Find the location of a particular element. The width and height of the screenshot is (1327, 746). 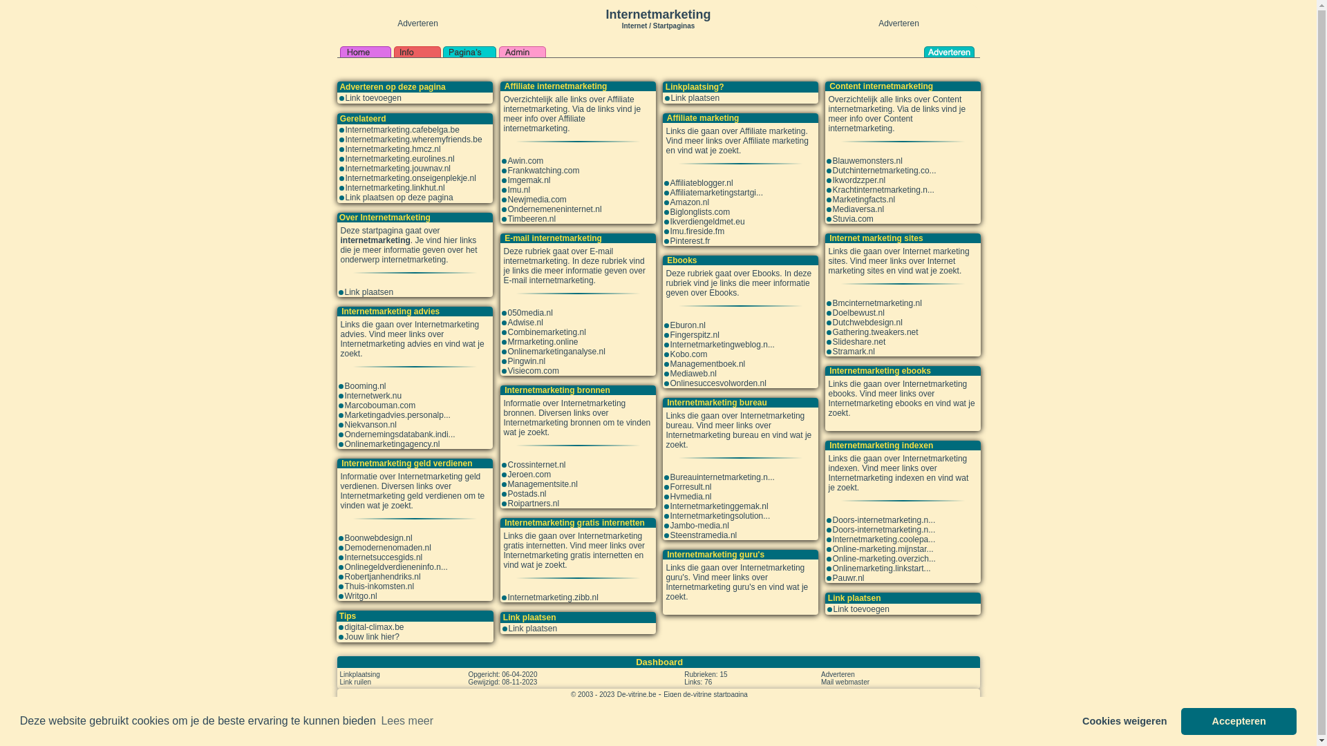

'Onlinemarketing.linkstart...' is located at coordinates (881, 568).